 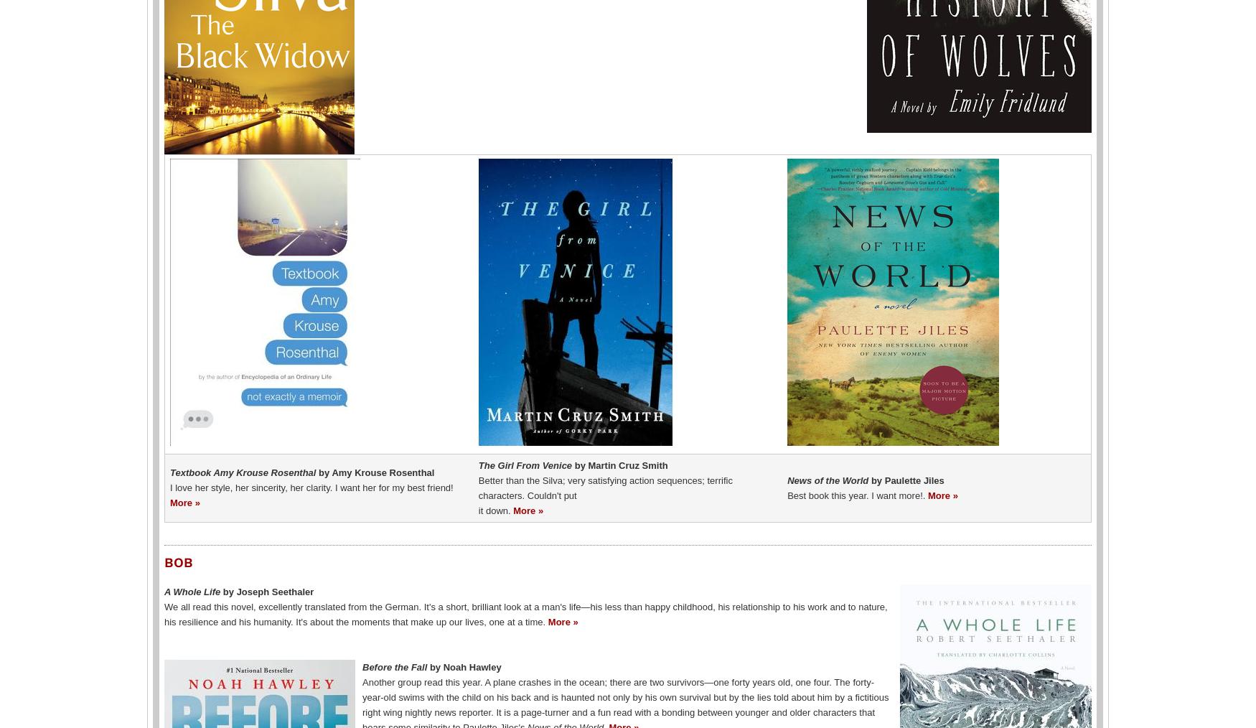 What do you see at coordinates (464, 666) in the screenshot?
I see `'by Noah Hawley'` at bounding box center [464, 666].